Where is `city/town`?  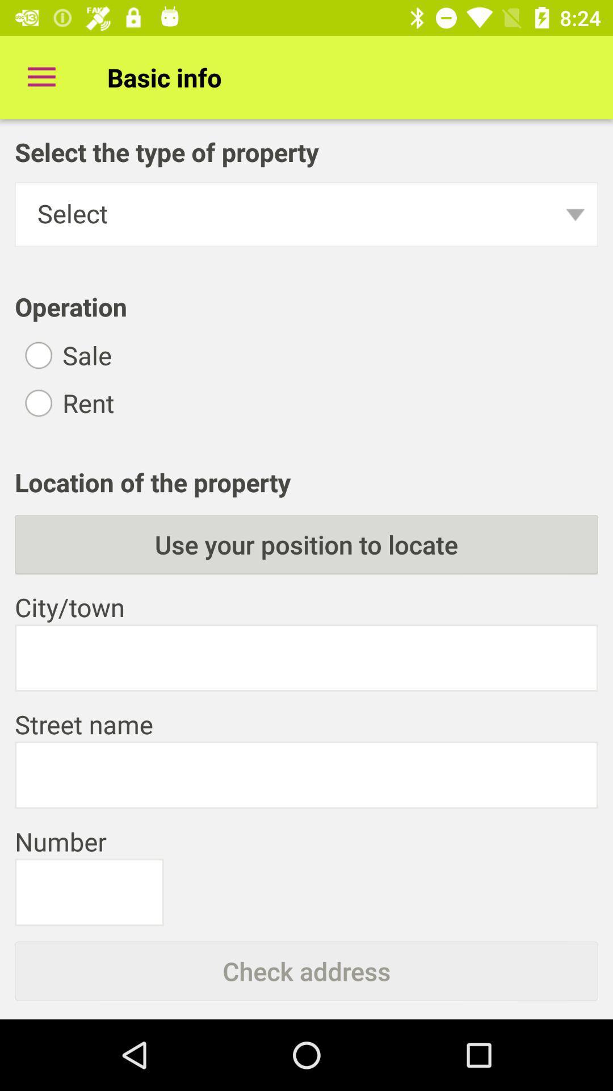
city/town is located at coordinates (306, 657).